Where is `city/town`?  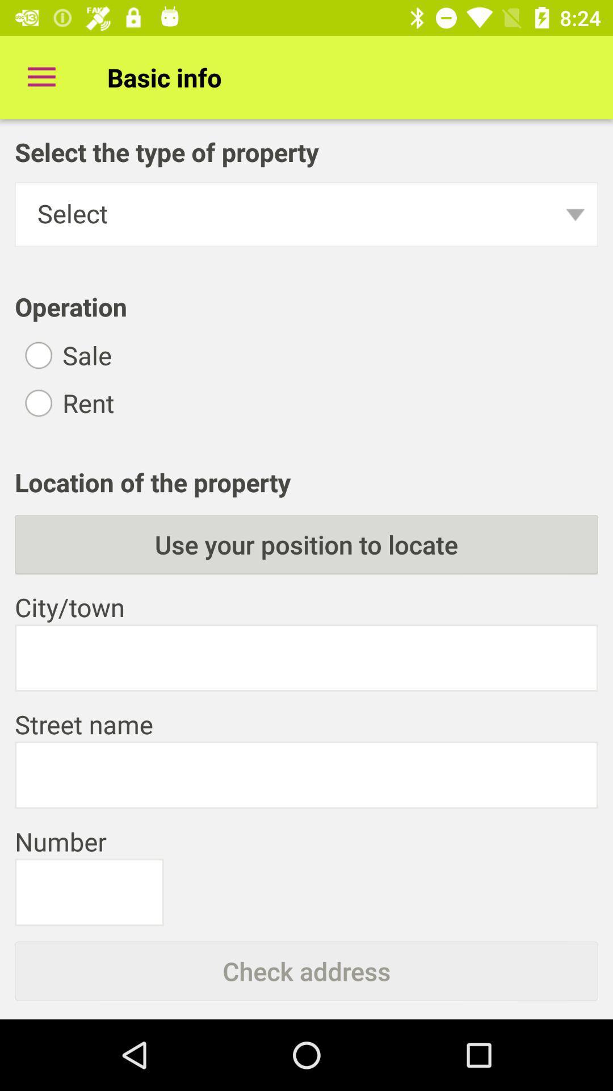
city/town is located at coordinates (306, 657).